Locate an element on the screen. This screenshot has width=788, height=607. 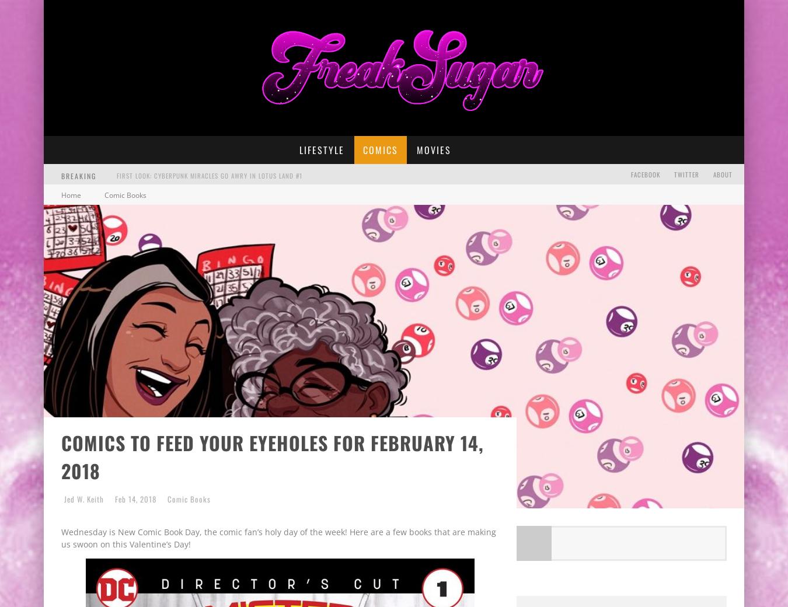
'Comics' is located at coordinates (379, 149).